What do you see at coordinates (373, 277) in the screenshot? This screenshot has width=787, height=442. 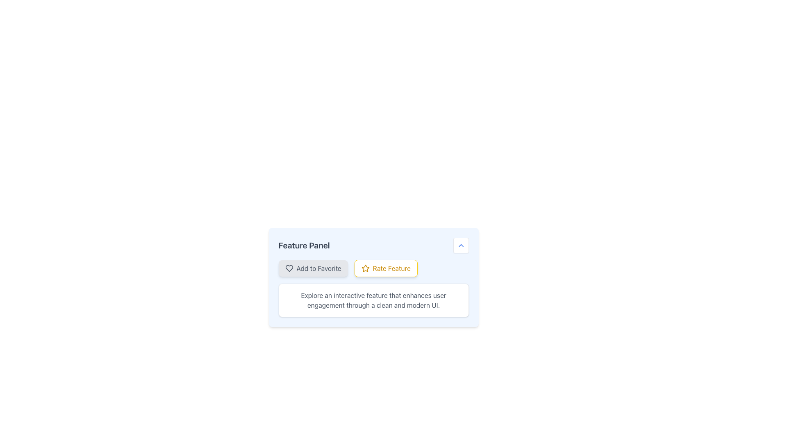 I see `descriptive text located at the bottom of the blue background panel that serves as an informative and interactive widget` at bounding box center [373, 277].